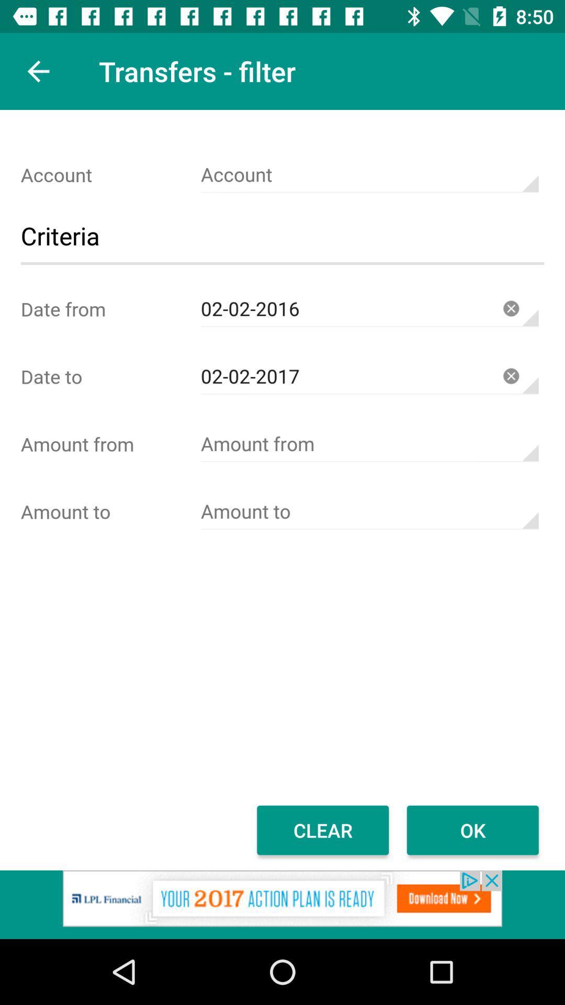 The height and width of the screenshot is (1005, 565). I want to click on enters amount, so click(369, 444).